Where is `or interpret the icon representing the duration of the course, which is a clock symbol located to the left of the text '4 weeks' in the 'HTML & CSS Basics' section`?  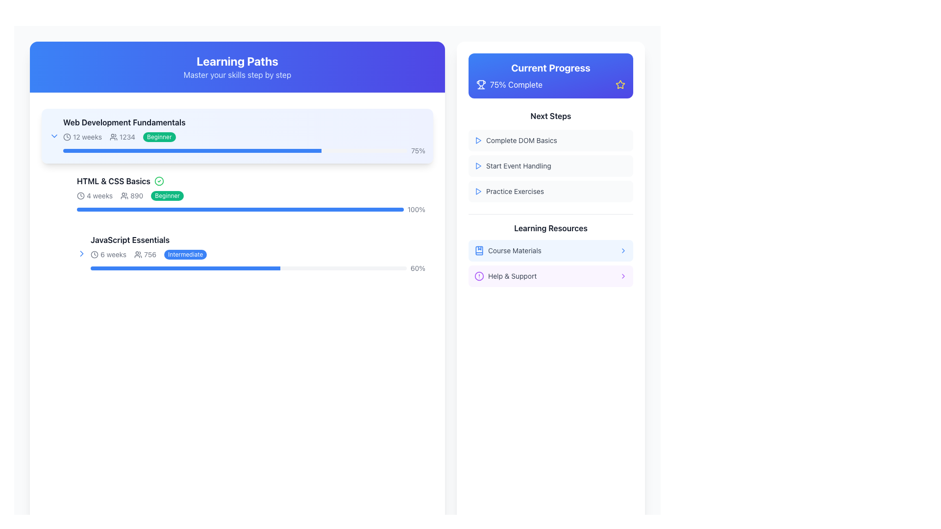
or interpret the icon representing the duration of the course, which is a clock symbol located to the left of the text '4 weeks' in the 'HTML & CSS Basics' section is located at coordinates (80, 196).